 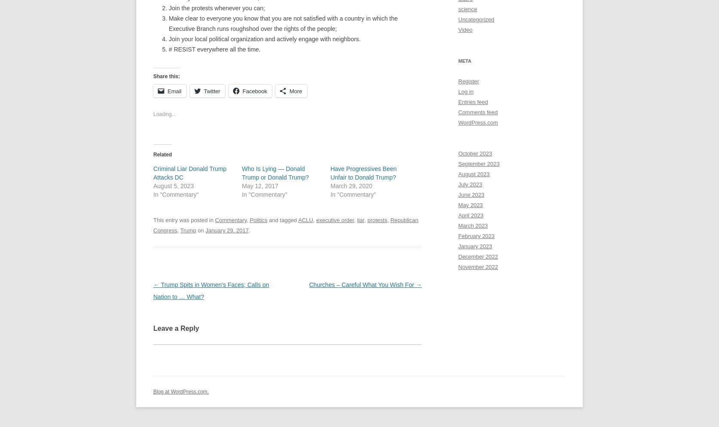 I want to click on 'Facebook', so click(x=254, y=91).